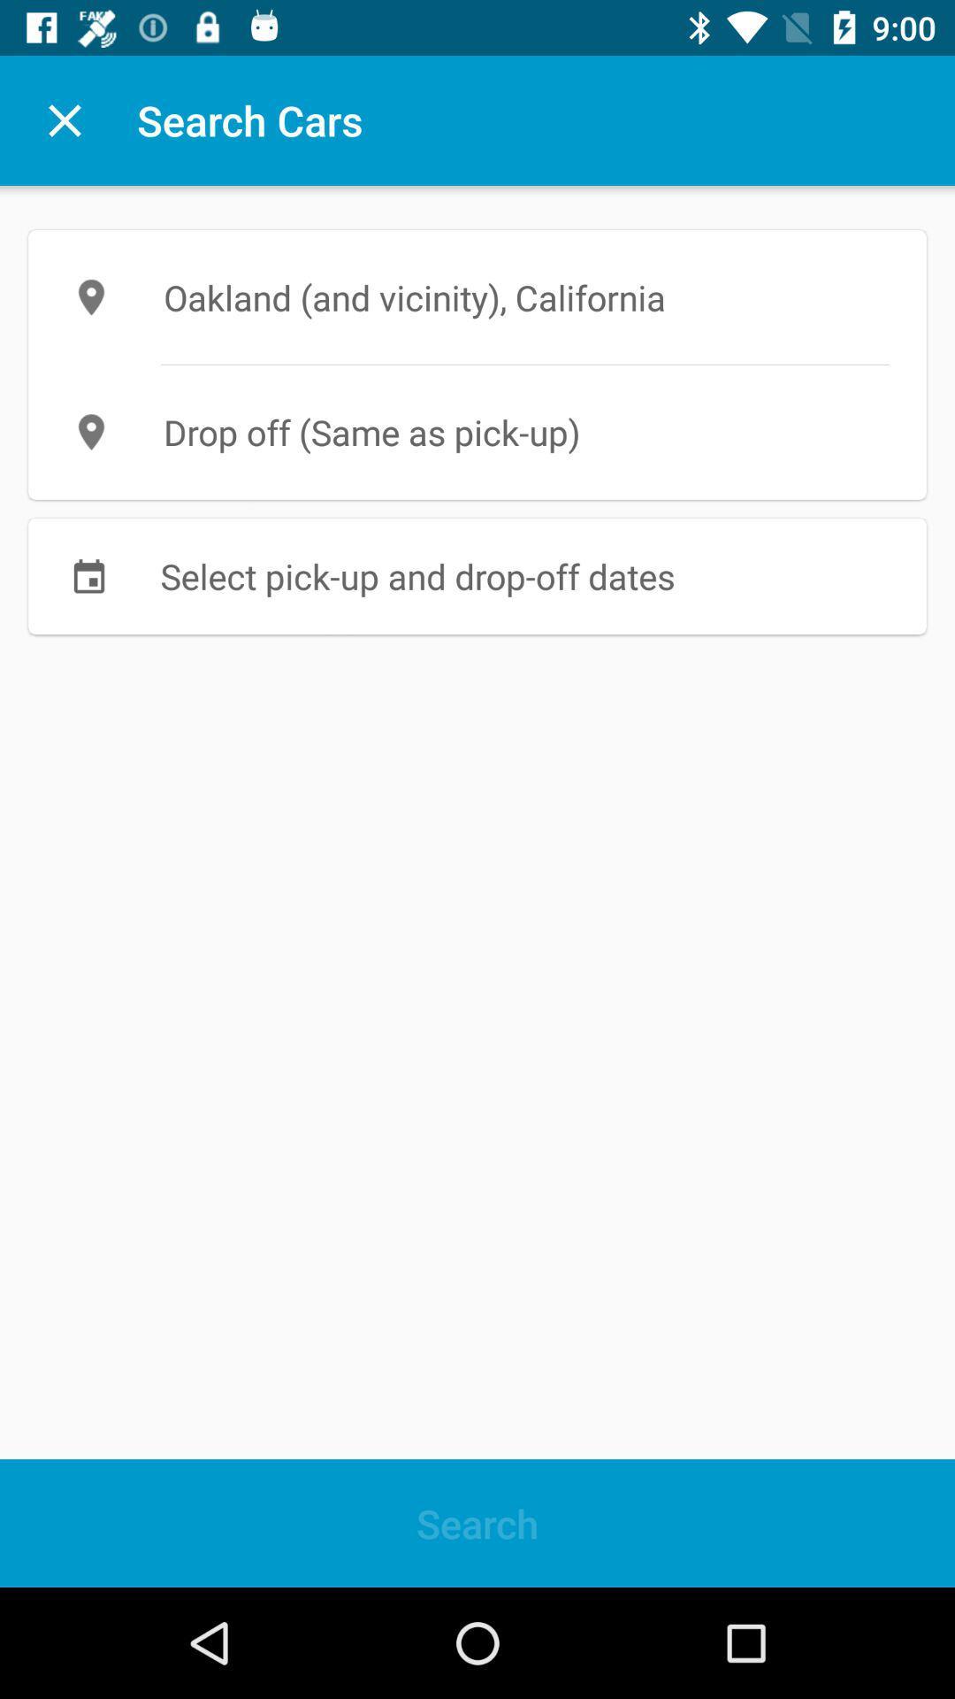  I want to click on icon to the left of the search cars icon, so click(64, 119).